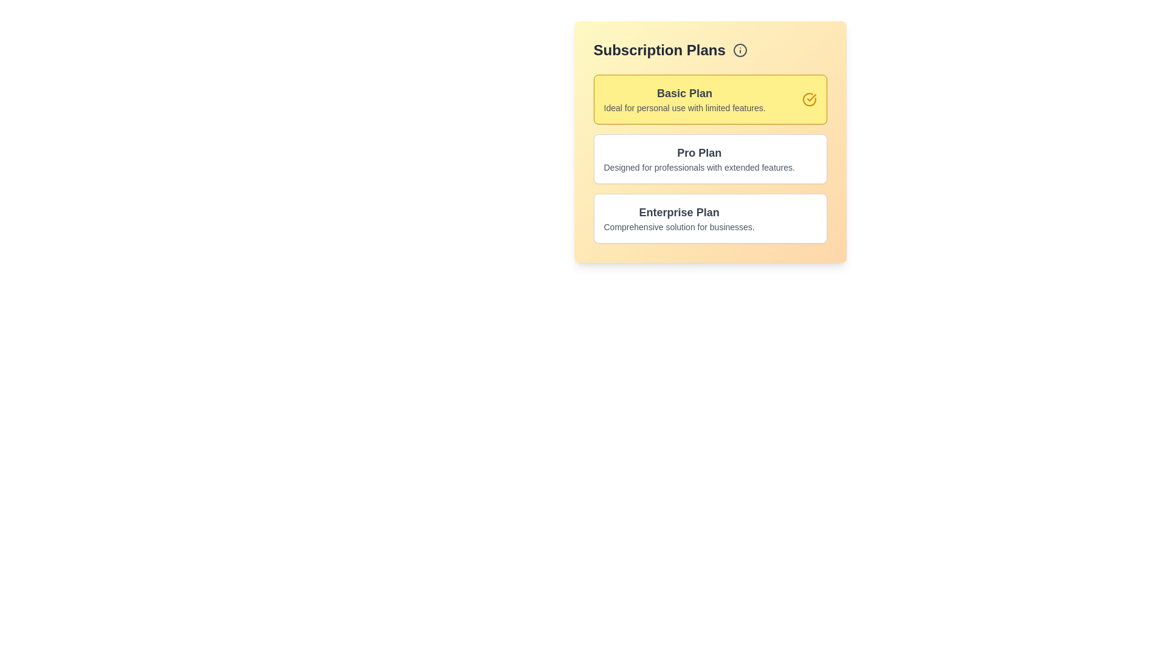 Image resolution: width=1167 pixels, height=656 pixels. Describe the element at coordinates (710, 159) in the screenshot. I see `the 'Pro Plan' subscription Information Card, which is the second option in a vertical list between 'Basic Plan' and 'Enterprise Plan'` at that location.